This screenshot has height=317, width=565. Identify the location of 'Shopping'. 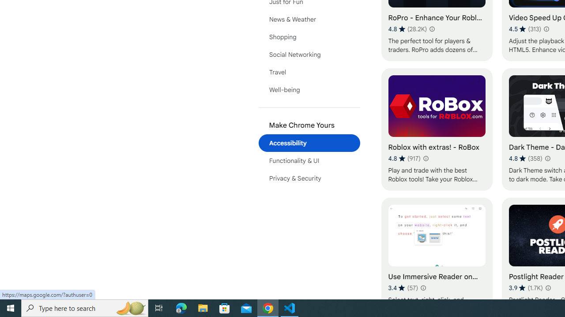
(309, 36).